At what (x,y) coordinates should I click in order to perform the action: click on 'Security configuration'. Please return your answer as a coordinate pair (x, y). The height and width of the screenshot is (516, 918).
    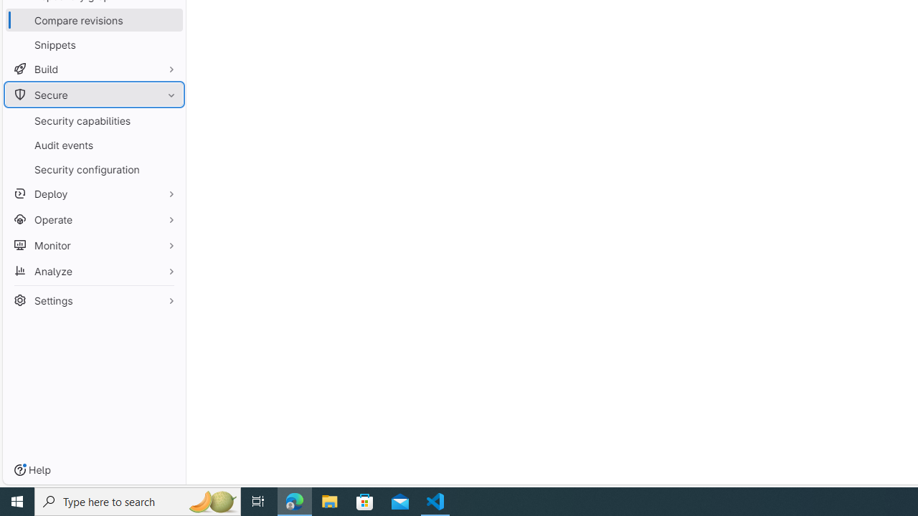
    Looking at the image, I should click on (93, 168).